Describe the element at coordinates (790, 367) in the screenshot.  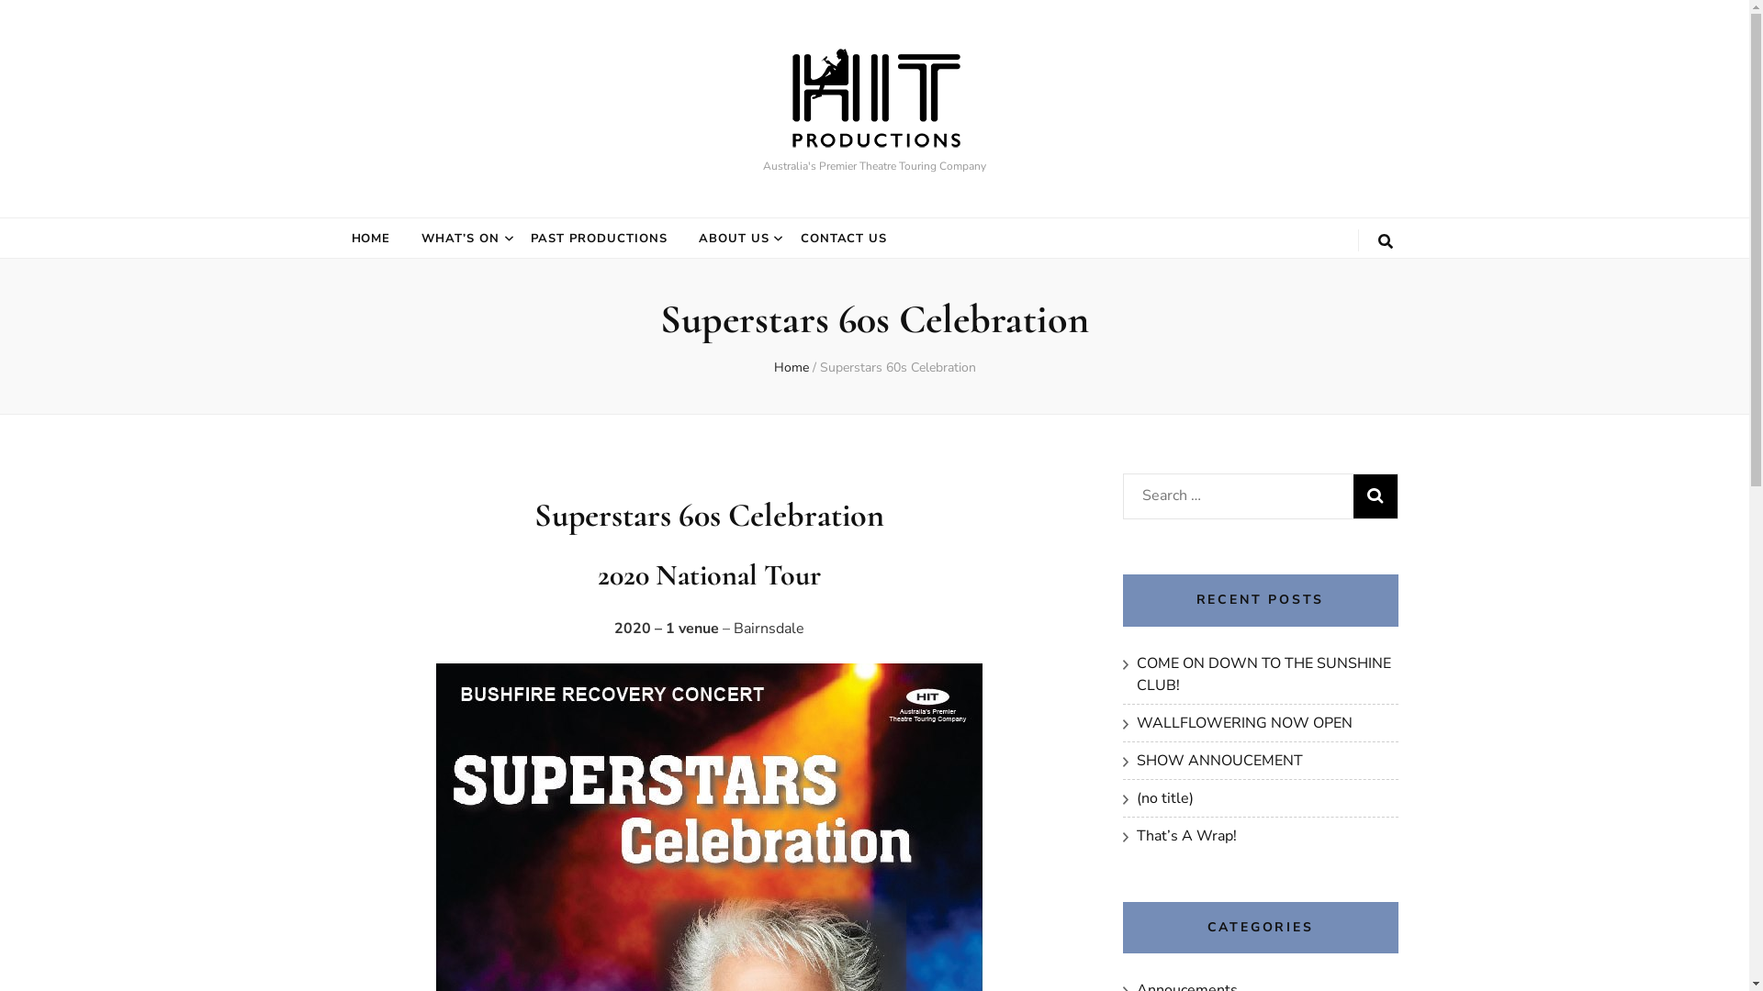
I see `'Home'` at that location.